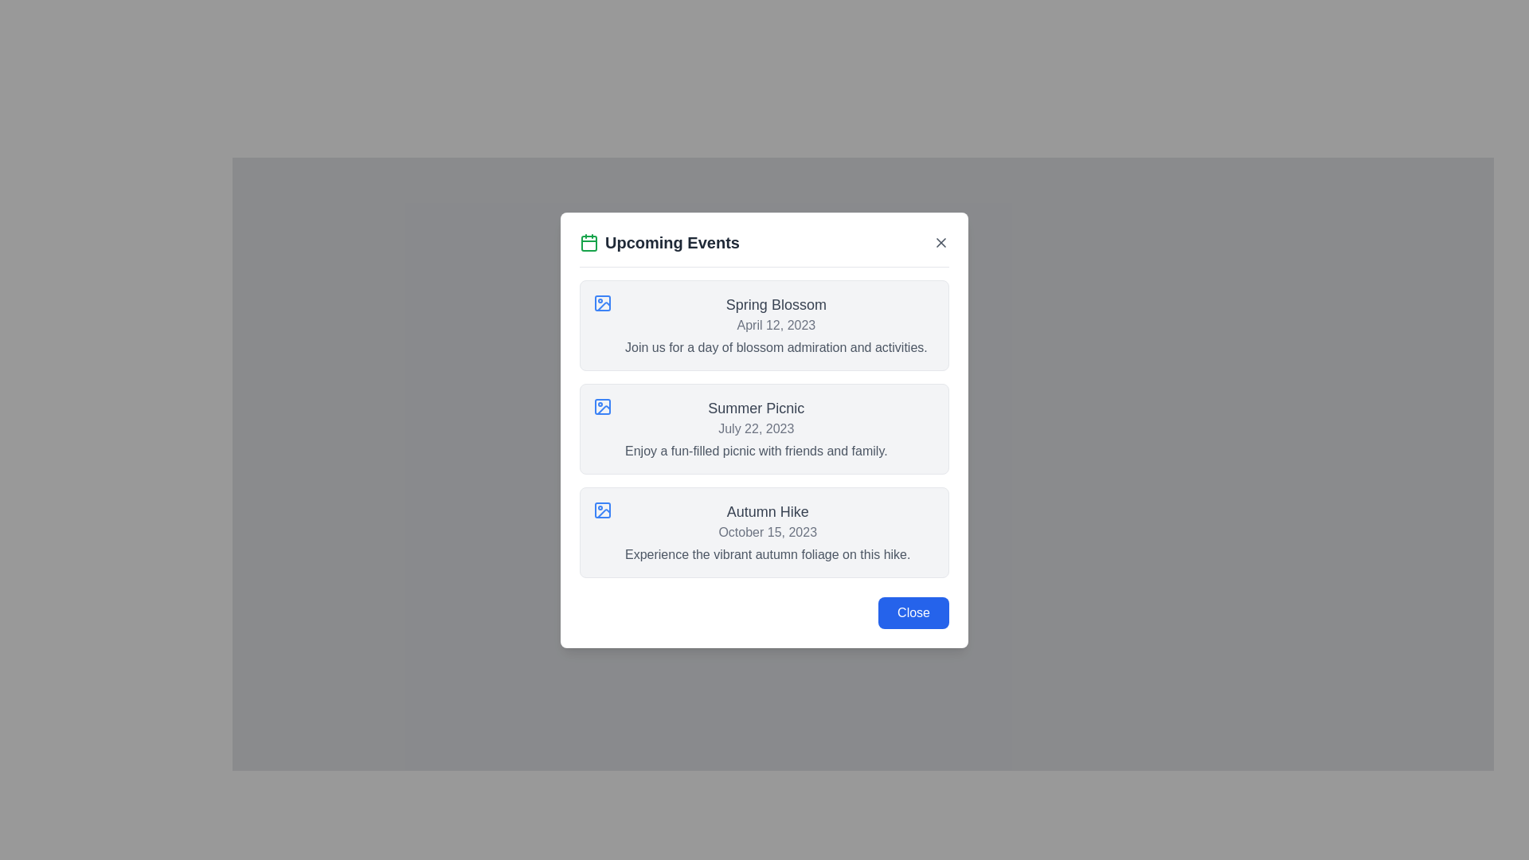 The height and width of the screenshot is (860, 1529). Describe the element at coordinates (659, 242) in the screenshot. I see `the bold title text labeled 'Upcoming Events' with a green calendar icon, positioned at the top-left of the modal dialog's section header` at that location.